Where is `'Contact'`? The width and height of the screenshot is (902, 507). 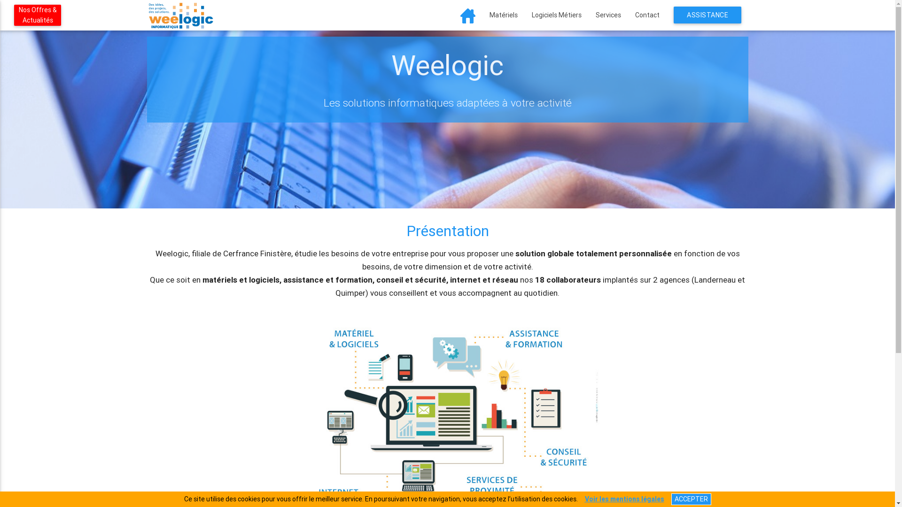
'Contact' is located at coordinates (646, 15).